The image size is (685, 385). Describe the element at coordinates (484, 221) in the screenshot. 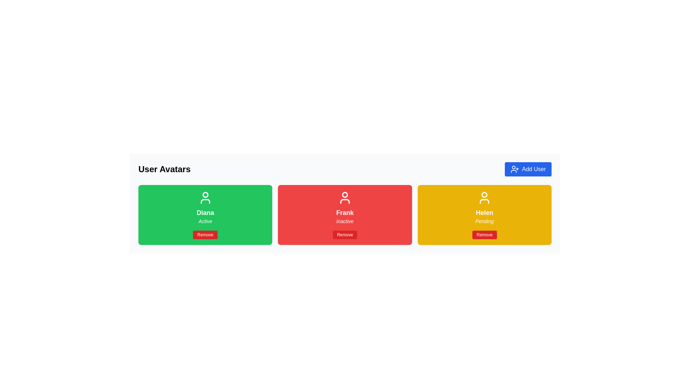

I see `the 'Pending' status indicator text label located in the yellow card below the 'Helen' text, which is positioned above the 'Remove' button` at that location.